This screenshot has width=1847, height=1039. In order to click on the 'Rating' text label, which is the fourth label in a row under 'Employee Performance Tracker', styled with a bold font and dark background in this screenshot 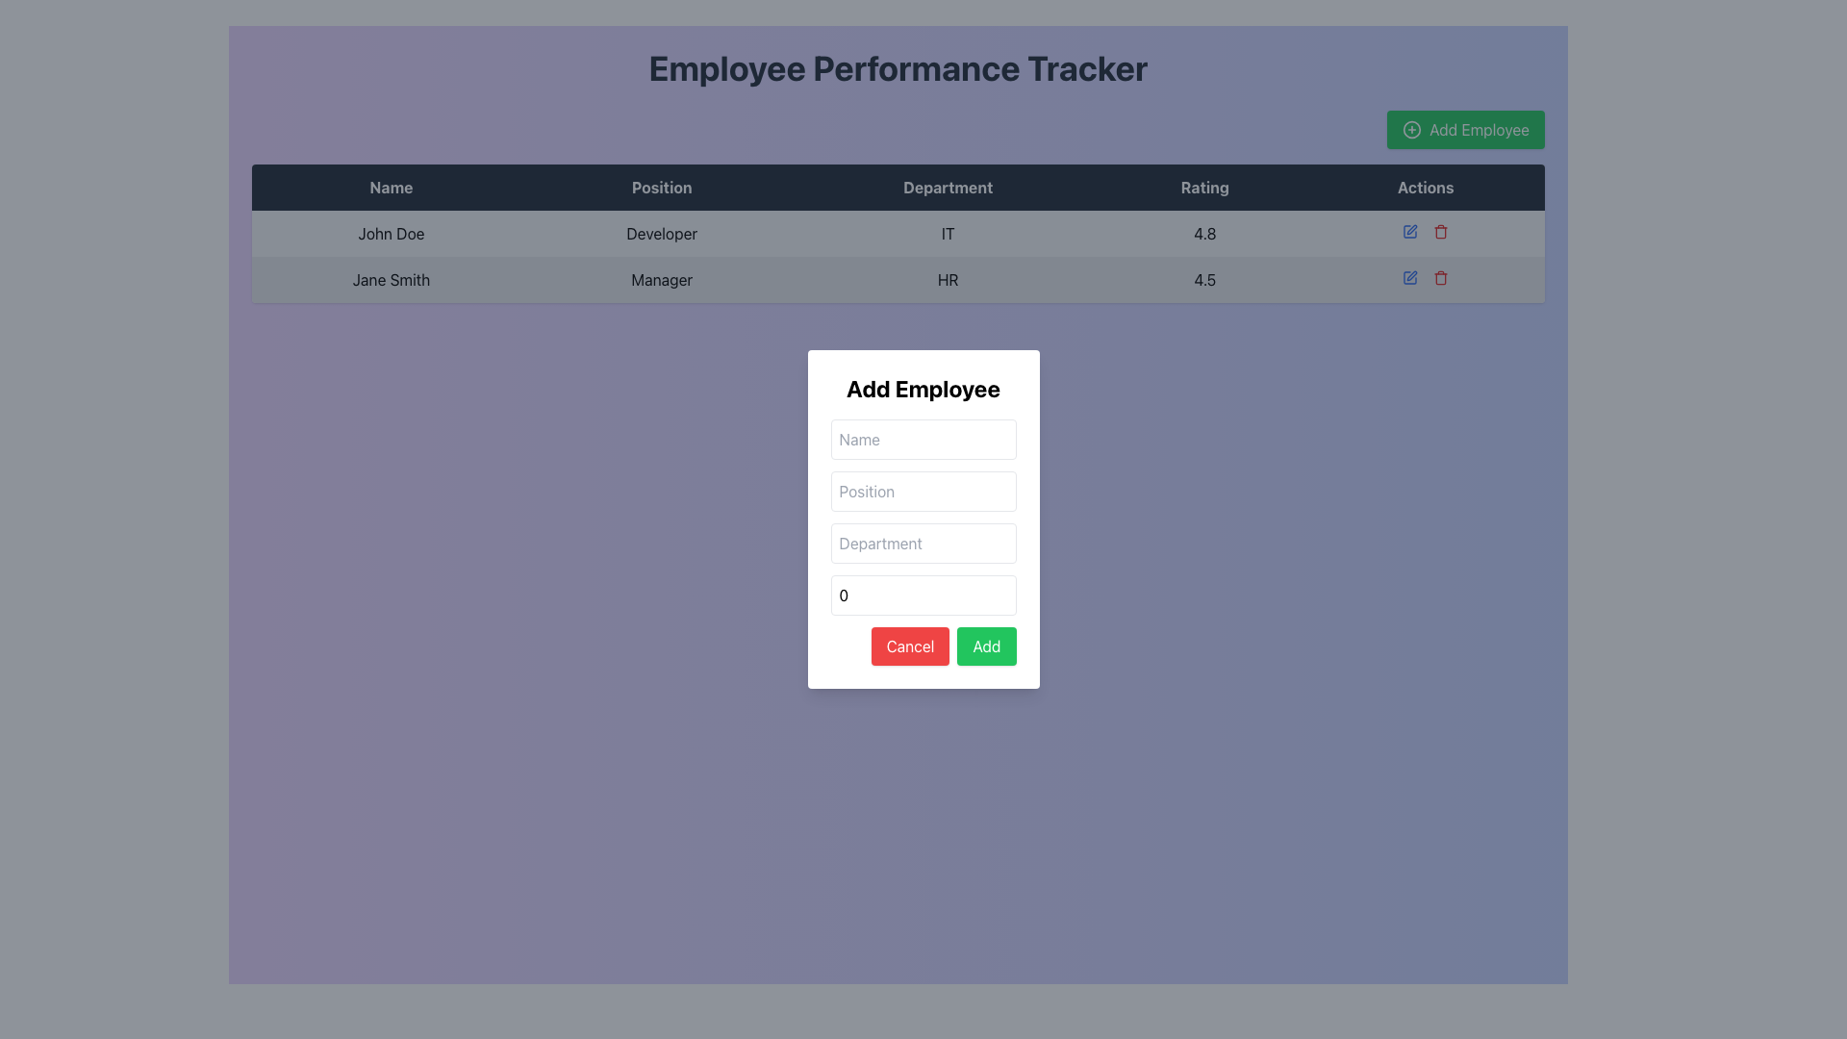, I will do `click(1203, 188)`.